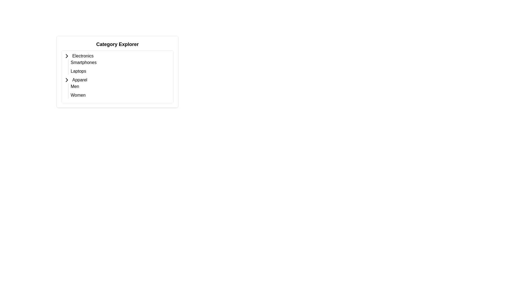 This screenshot has width=522, height=294. I want to click on the text label reading 'Laptops', which is the third item under the 'Electronics' category in a nested list structure, so click(78, 71).